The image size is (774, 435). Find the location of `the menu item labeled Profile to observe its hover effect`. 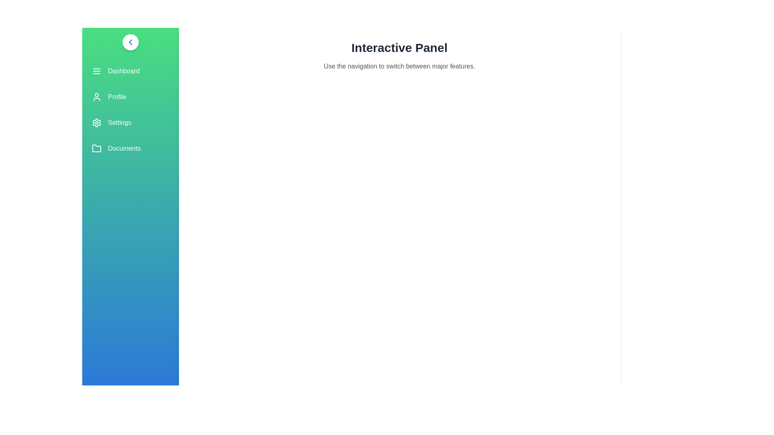

the menu item labeled Profile to observe its hover effect is located at coordinates (131, 96).